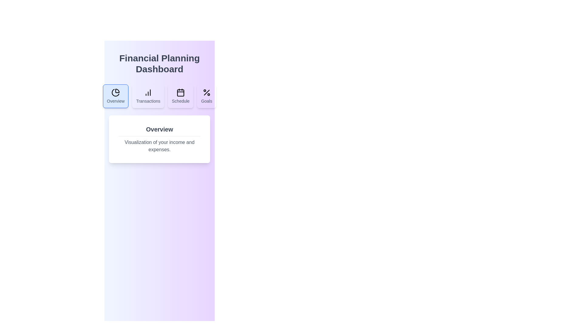 This screenshot has width=583, height=328. I want to click on the pie chart segment within the 'Overview' button in the navigation bar, so click(115, 93).